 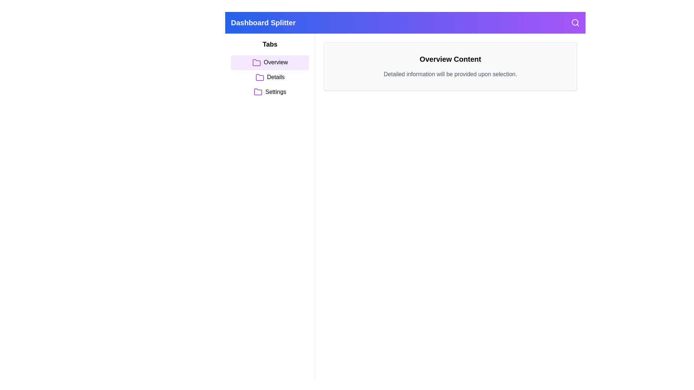 I want to click on the 'Details' folder icon located in the vertical navigation menu on the left side of the interface, which is positioned second from the top, so click(x=260, y=77).